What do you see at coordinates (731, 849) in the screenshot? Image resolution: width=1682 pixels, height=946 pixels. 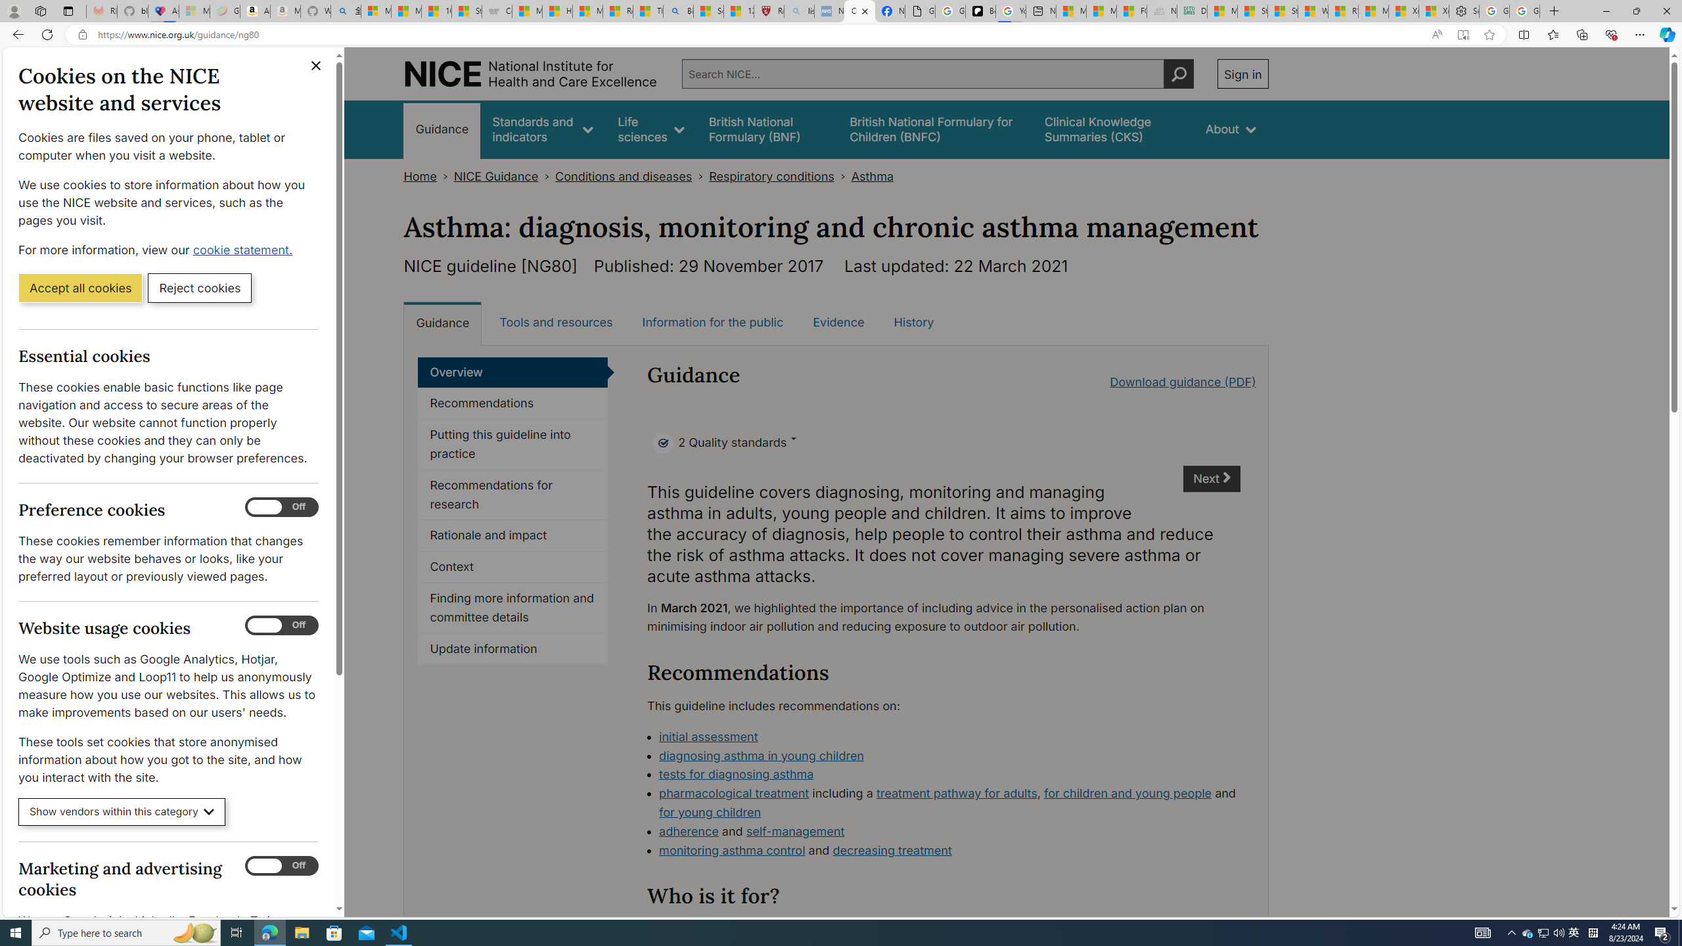 I see `'monitoring asthma control'` at bounding box center [731, 849].